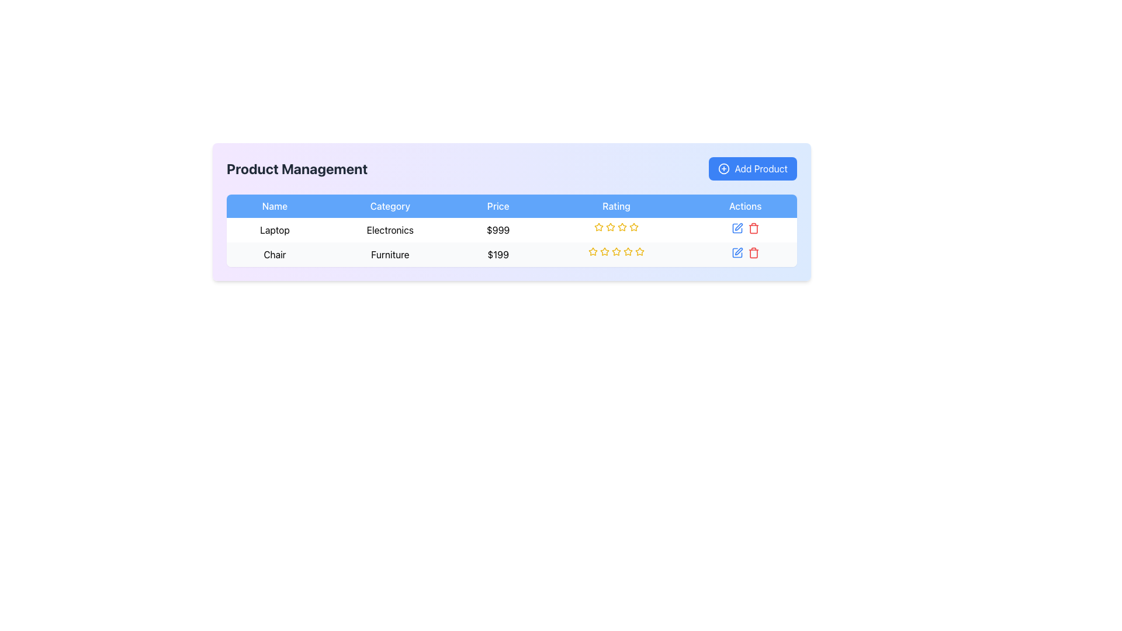 The width and height of the screenshot is (1122, 631). Describe the element at coordinates (628, 251) in the screenshot. I see `the fifth Decorative star icon with a yellow outline located in the second row of the 'Rating' column in the table` at that location.